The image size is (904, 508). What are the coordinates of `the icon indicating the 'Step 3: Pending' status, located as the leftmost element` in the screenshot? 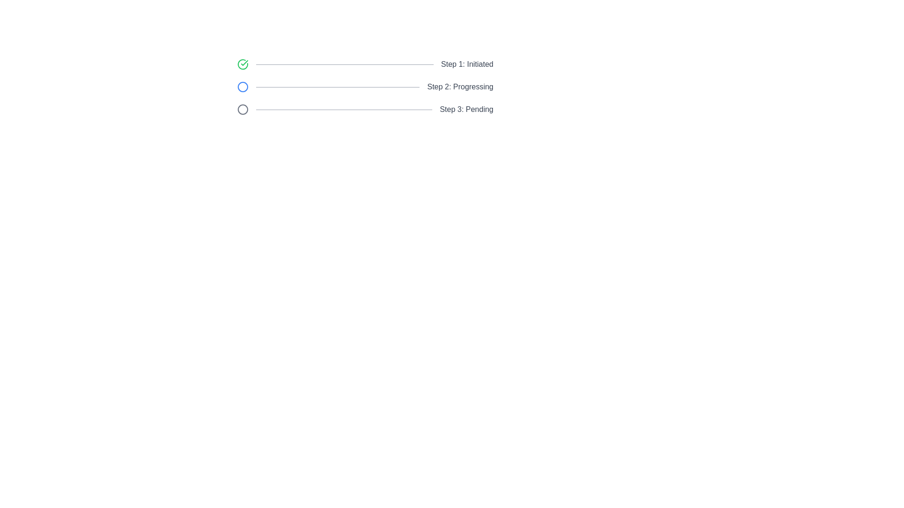 It's located at (242, 109).